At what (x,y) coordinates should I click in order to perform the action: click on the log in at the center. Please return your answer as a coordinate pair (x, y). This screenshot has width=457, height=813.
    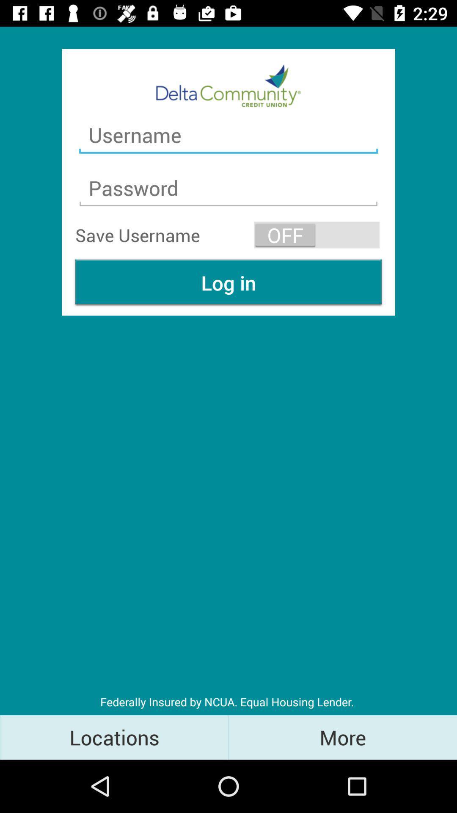
    Looking at the image, I should click on (228, 282).